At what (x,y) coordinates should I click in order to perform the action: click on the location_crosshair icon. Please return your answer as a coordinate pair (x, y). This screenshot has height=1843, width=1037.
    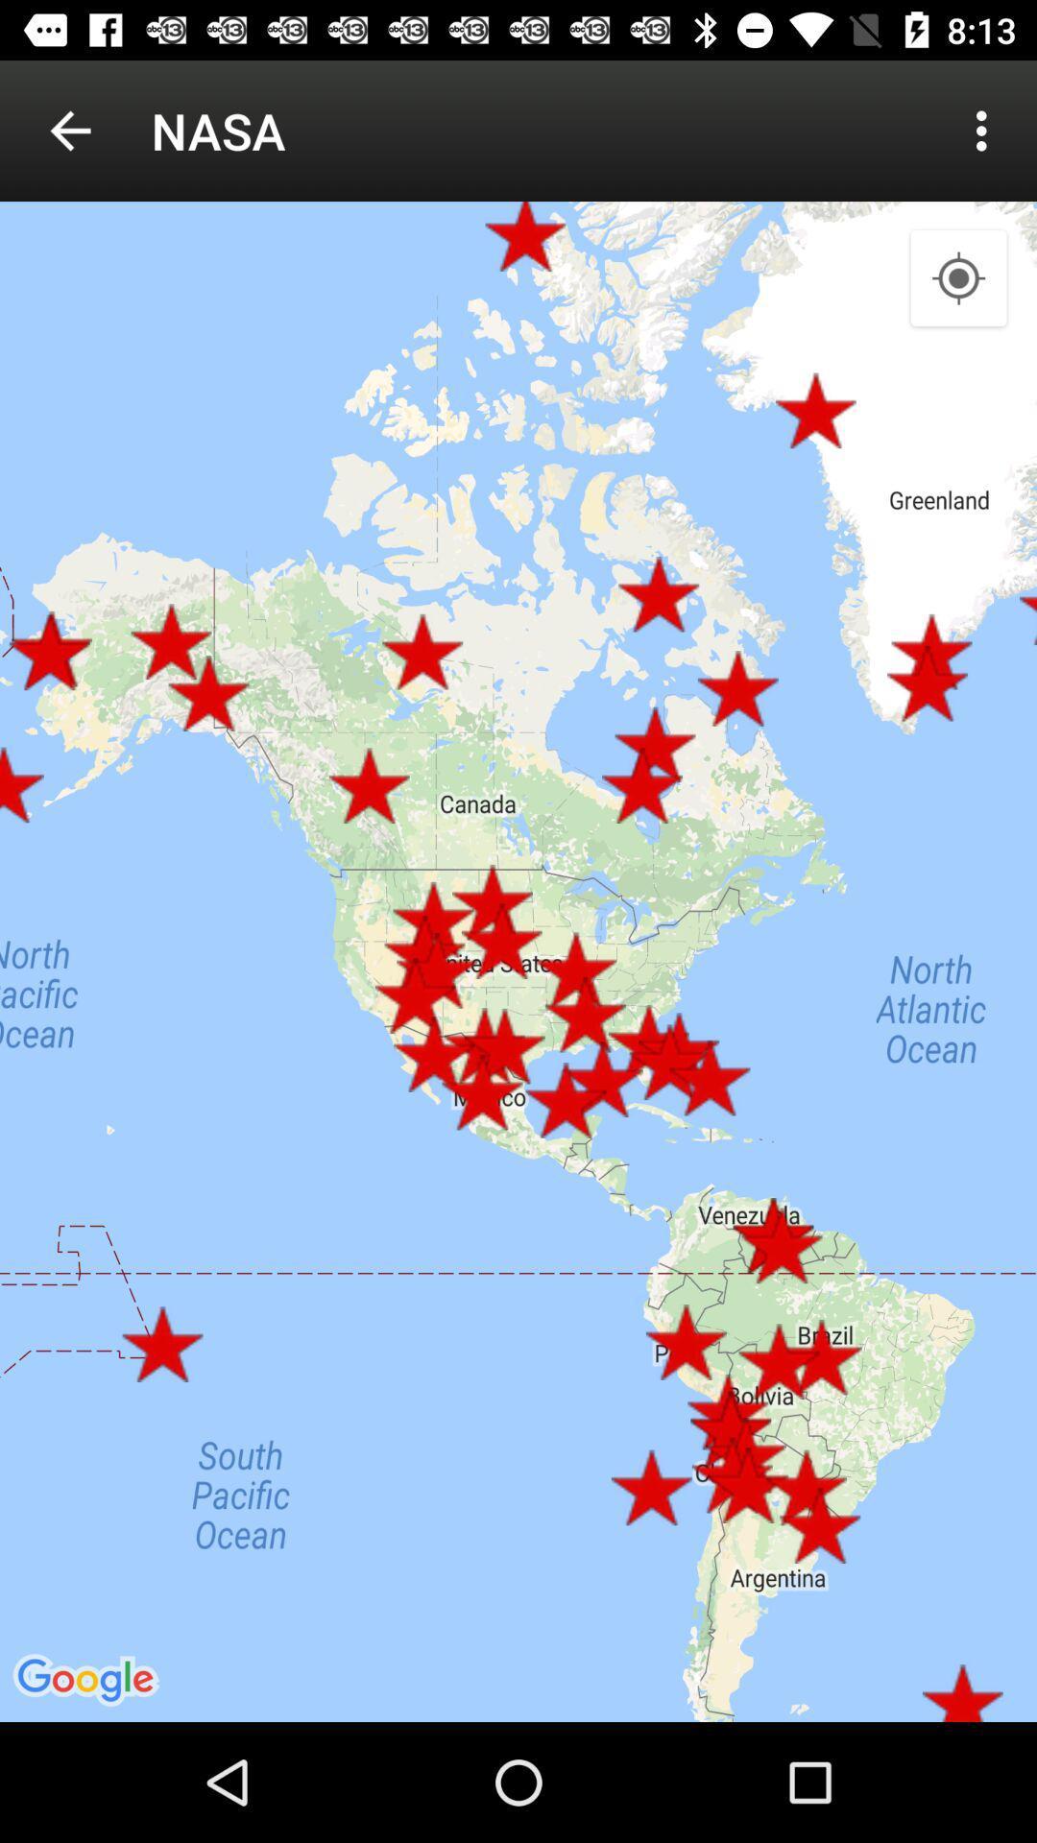
    Looking at the image, I should click on (958, 278).